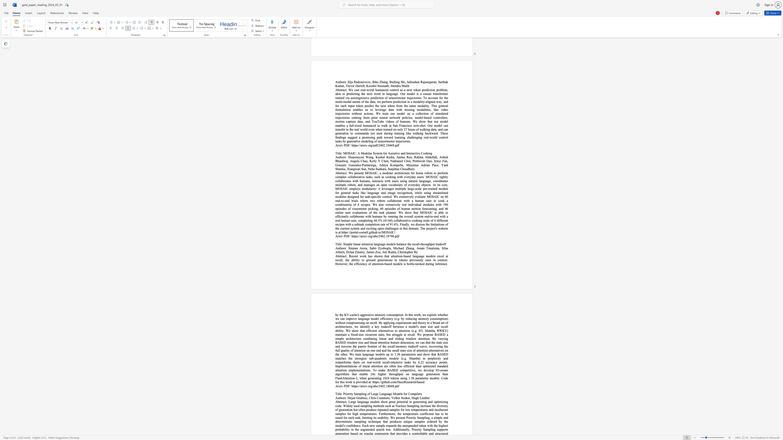 Image resolution: width=783 pixels, height=440 pixels. What do you see at coordinates (338, 236) in the screenshot?
I see `the subset text "rxiv" within the text "Arxiv PDF:"` at bounding box center [338, 236].